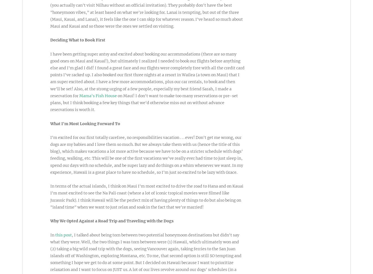 Image resolution: width=373 pixels, height=274 pixels. I want to click on 'Deciding What to Book First', so click(77, 40).